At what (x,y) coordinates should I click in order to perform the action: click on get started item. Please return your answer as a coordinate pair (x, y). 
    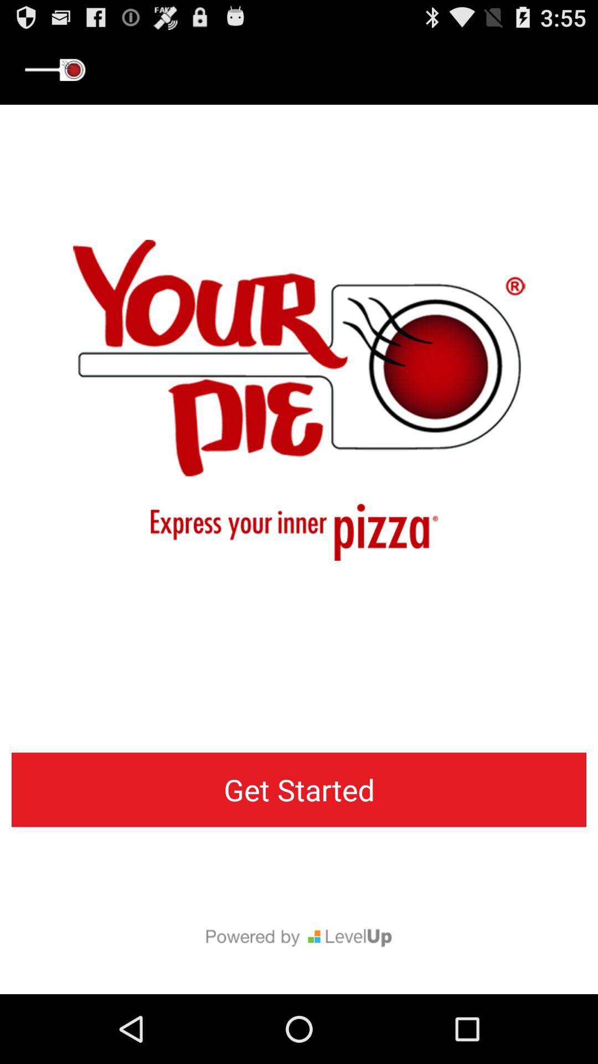
    Looking at the image, I should click on (299, 789).